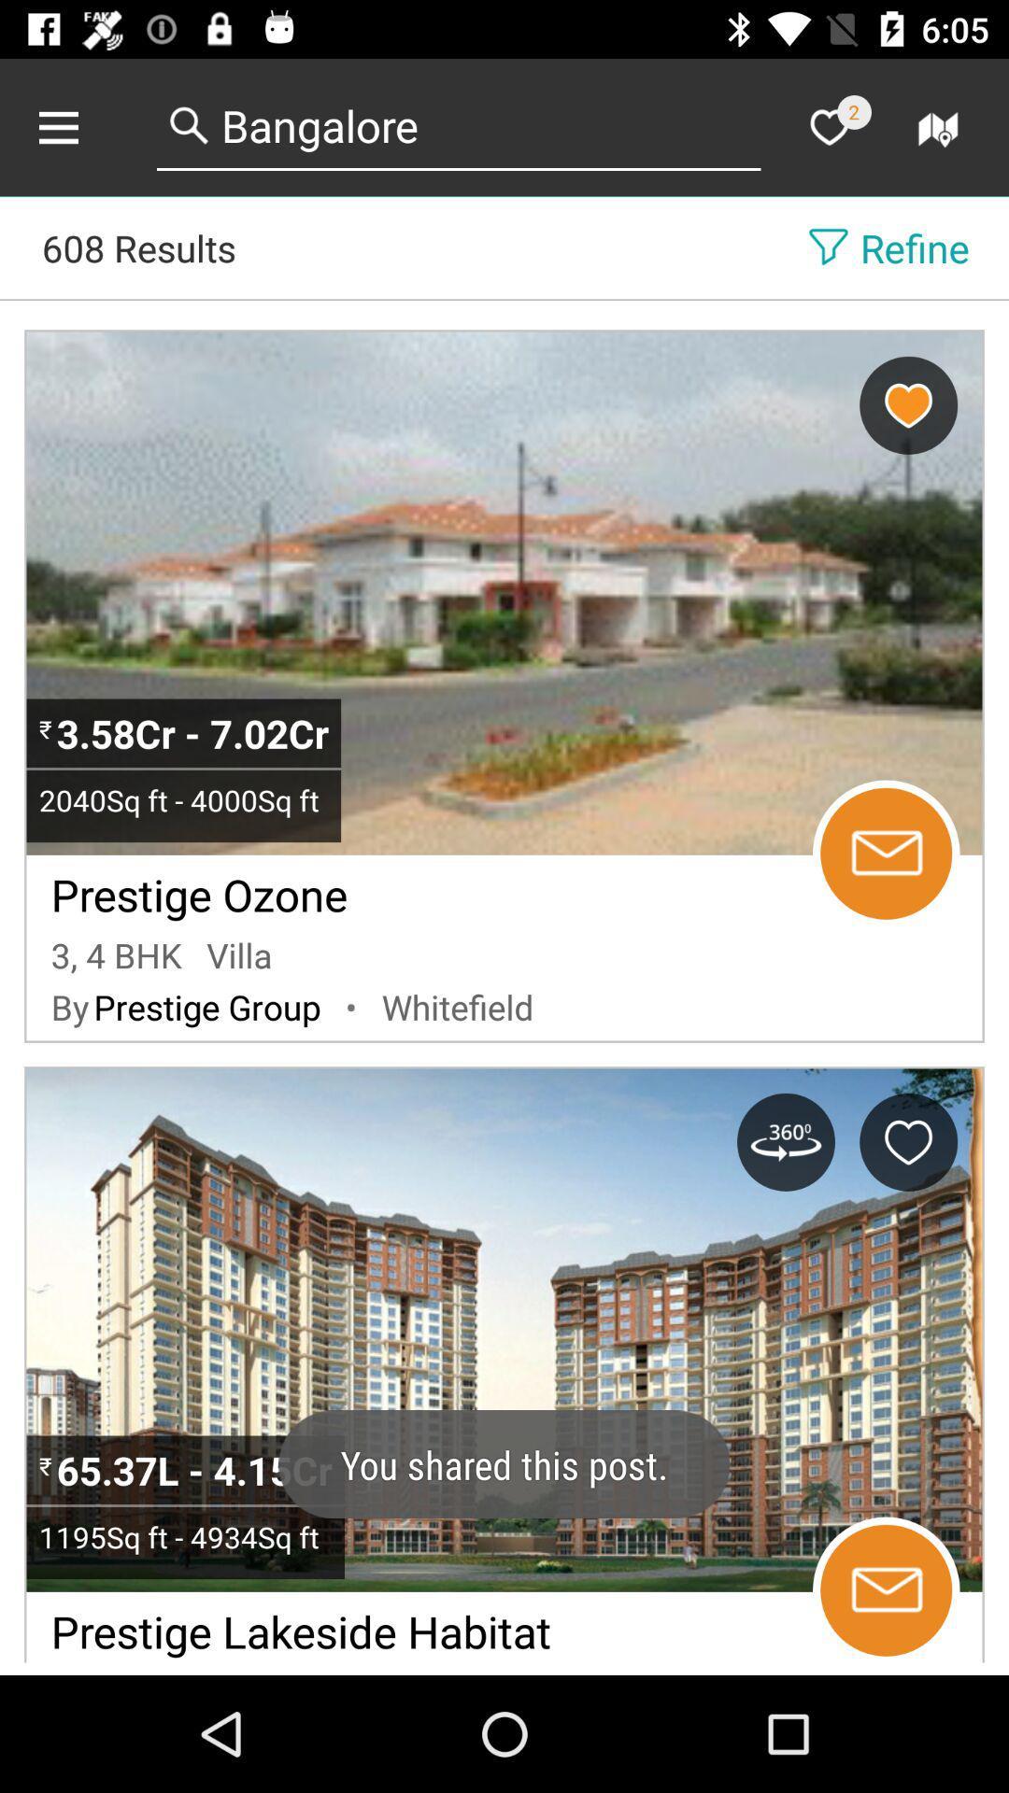 The image size is (1009, 1793). I want to click on in maps, so click(941, 126).